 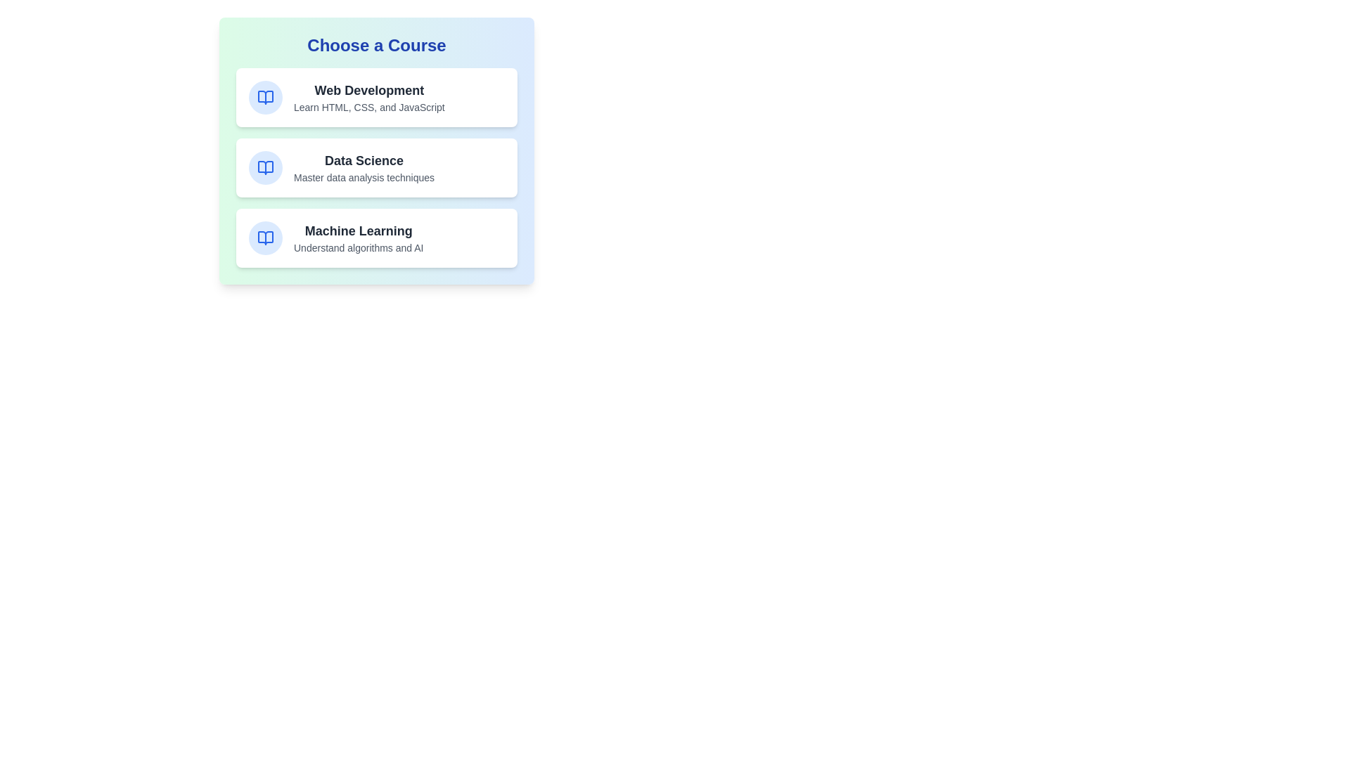 I want to click on the text element displaying 'Machine Learning', which is the textual content of the third course card in the 'Choose a Course' section, so click(x=359, y=238).